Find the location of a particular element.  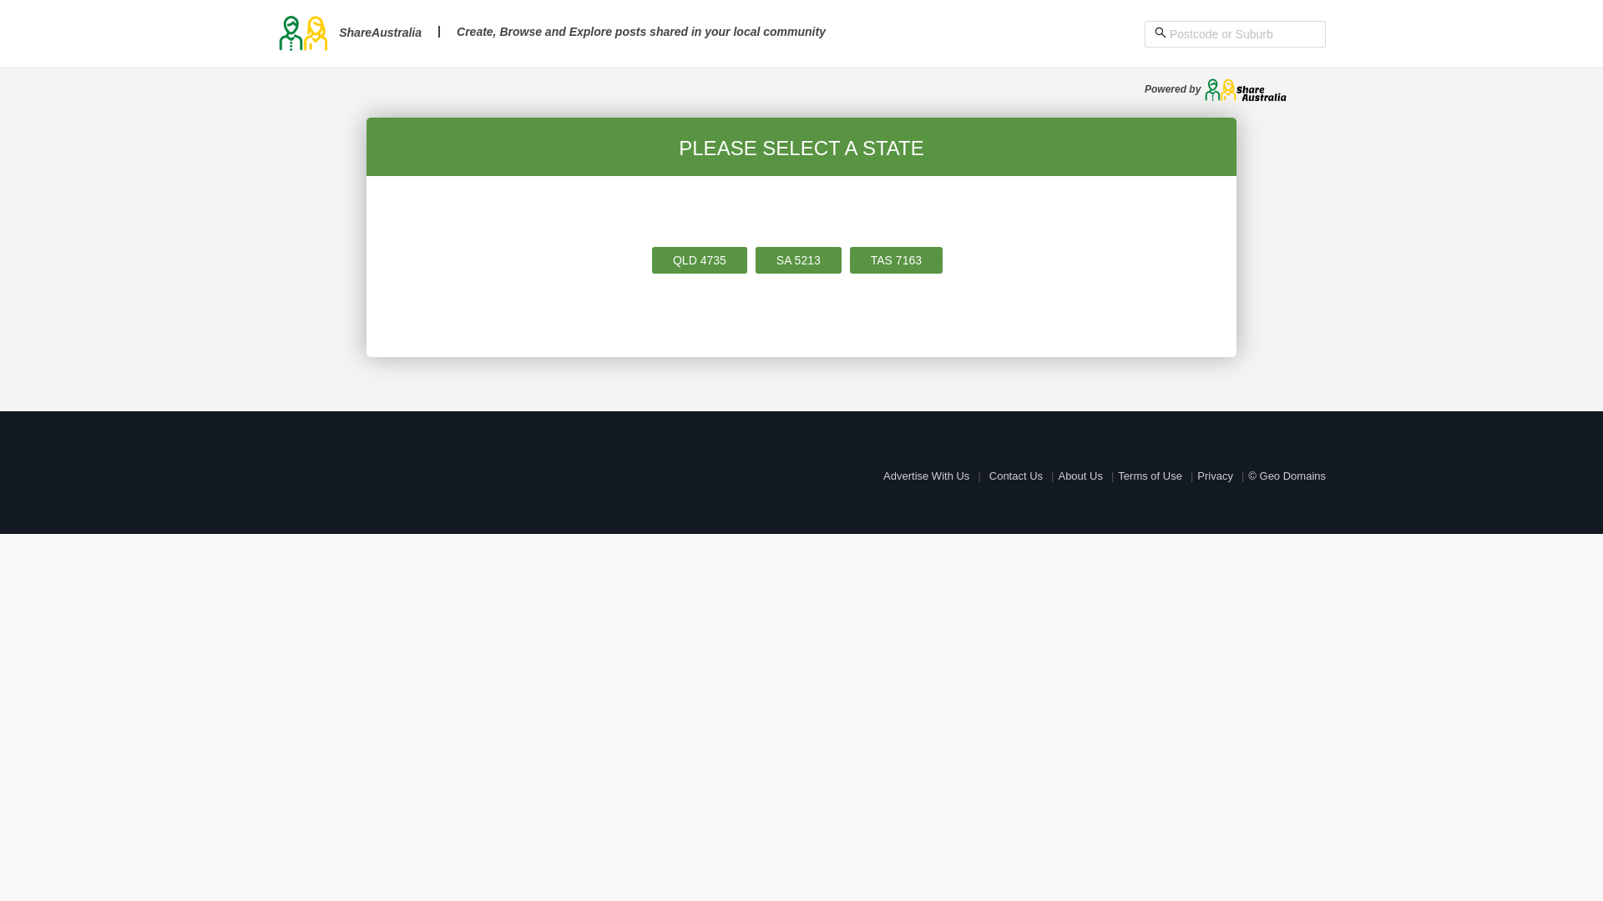

'Powered by' is located at coordinates (1216, 89).